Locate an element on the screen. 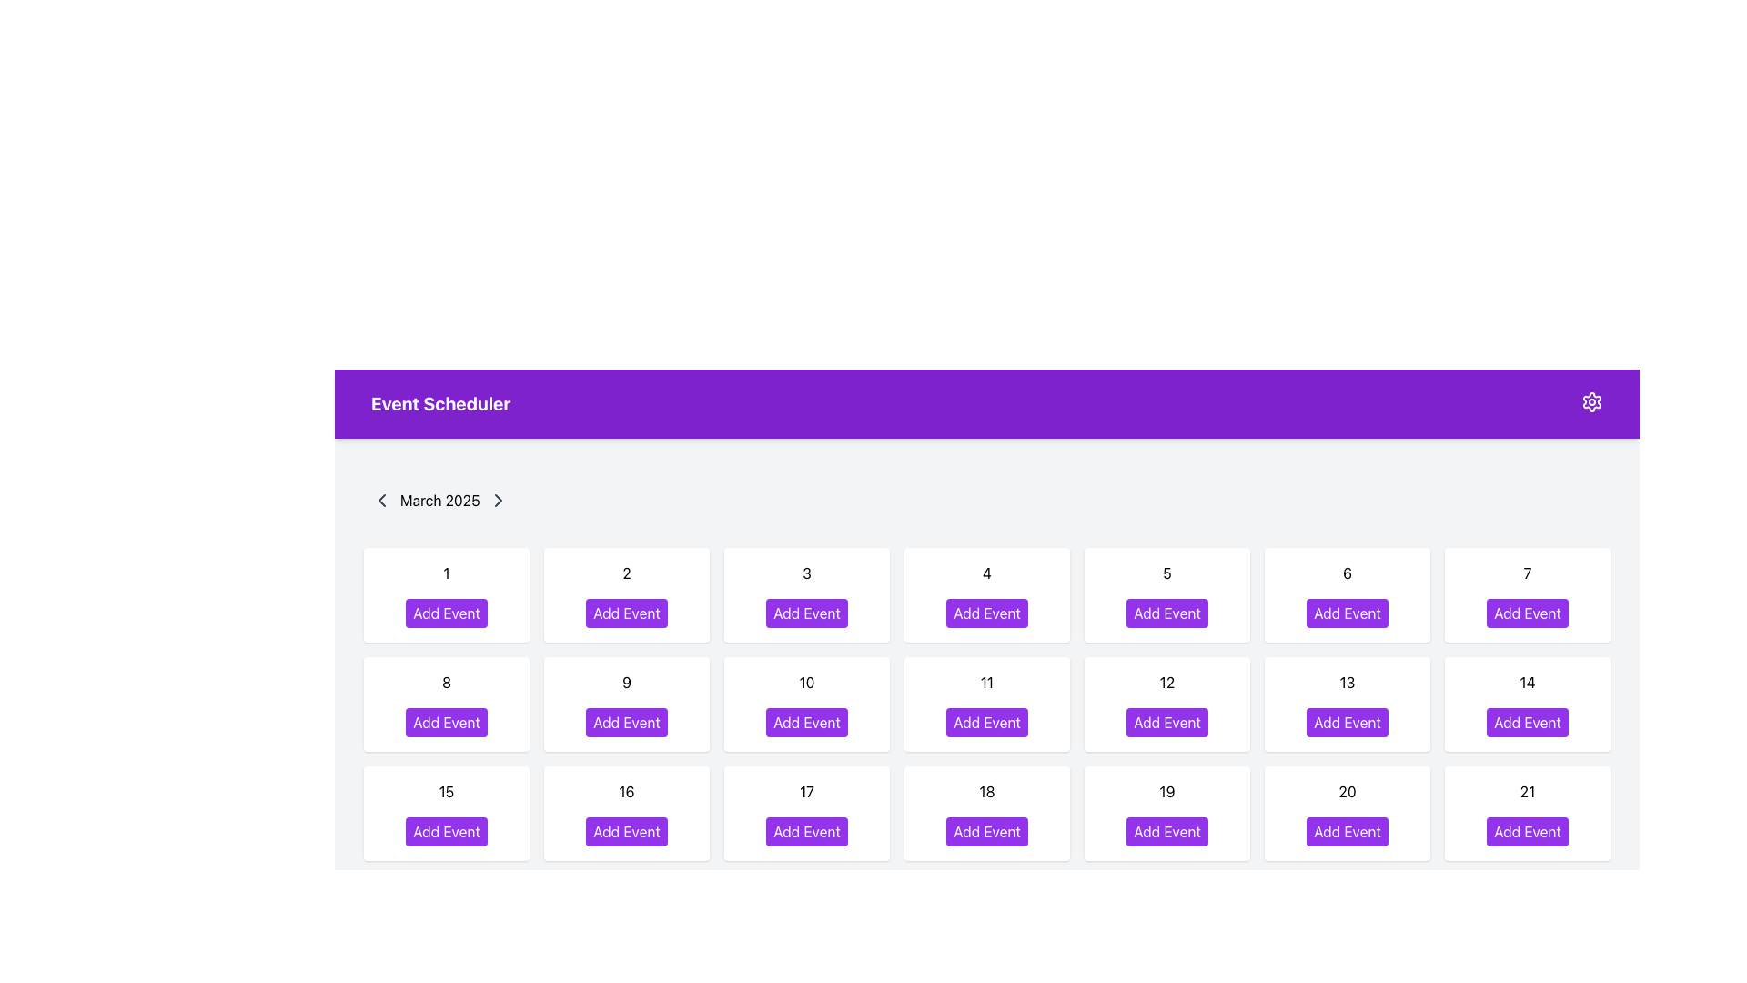 The image size is (1747, 983). the purple 'Add Event' button located in the sixth row of the grid layout for the 15th date on the calendar is located at coordinates (627, 940).